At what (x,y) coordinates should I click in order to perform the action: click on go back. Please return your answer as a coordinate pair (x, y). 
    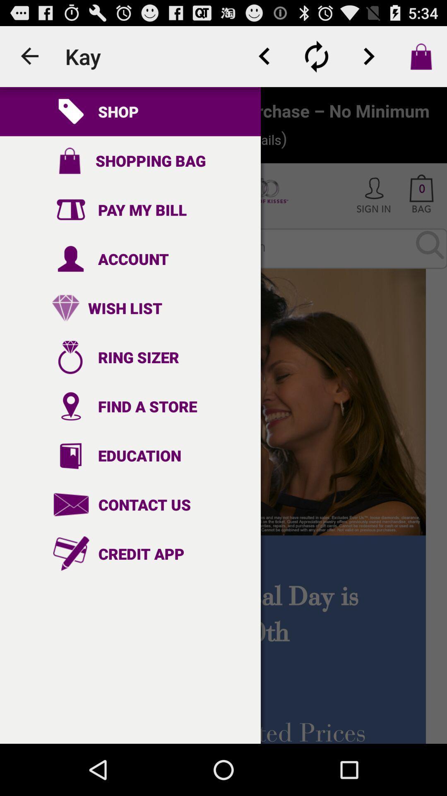
    Looking at the image, I should click on (264, 56).